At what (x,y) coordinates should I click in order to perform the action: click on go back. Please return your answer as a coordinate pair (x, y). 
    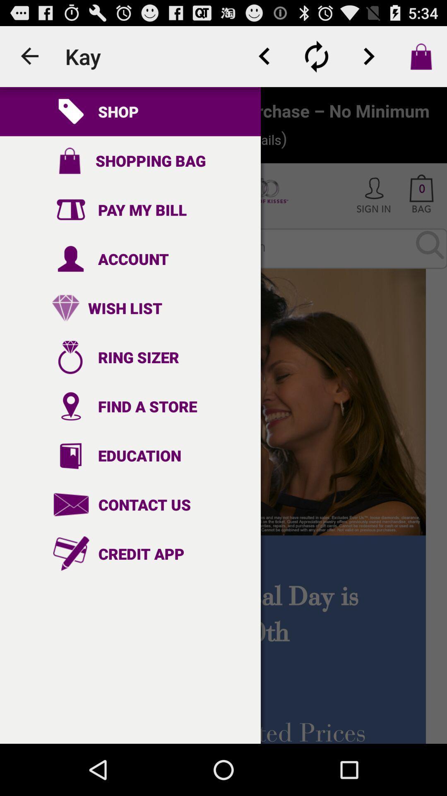
    Looking at the image, I should click on (264, 56).